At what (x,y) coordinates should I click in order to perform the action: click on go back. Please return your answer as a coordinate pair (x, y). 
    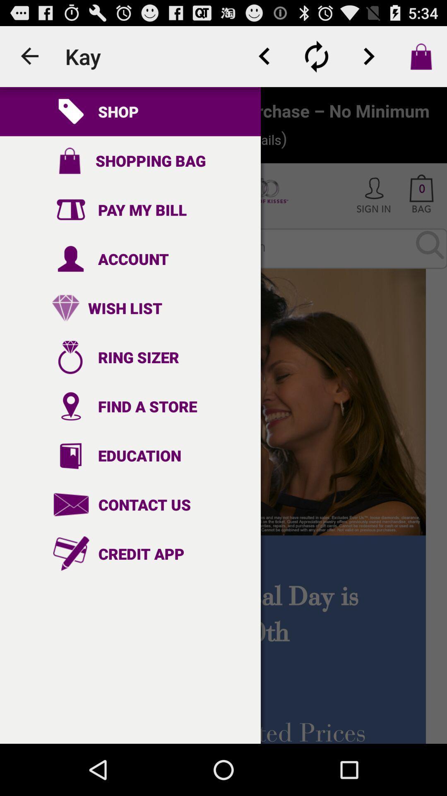
    Looking at the image, I should click on (264, 56).